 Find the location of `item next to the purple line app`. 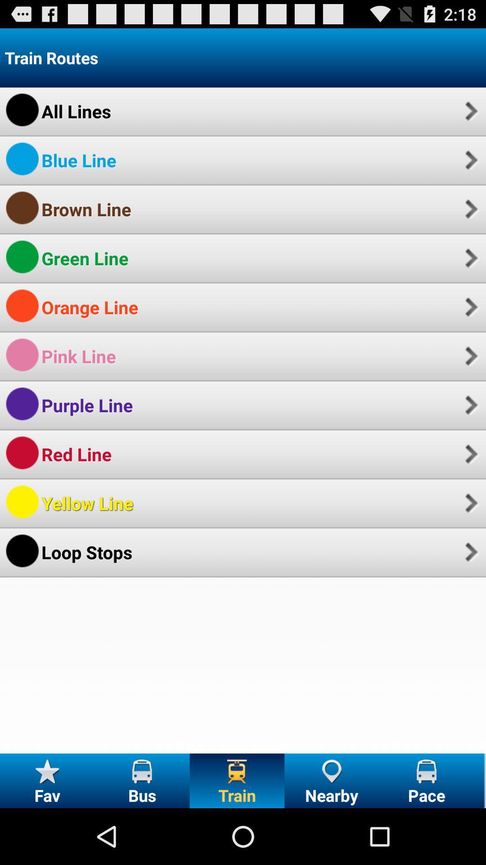

item next to the purple line app is located at coordinates (470, 405).